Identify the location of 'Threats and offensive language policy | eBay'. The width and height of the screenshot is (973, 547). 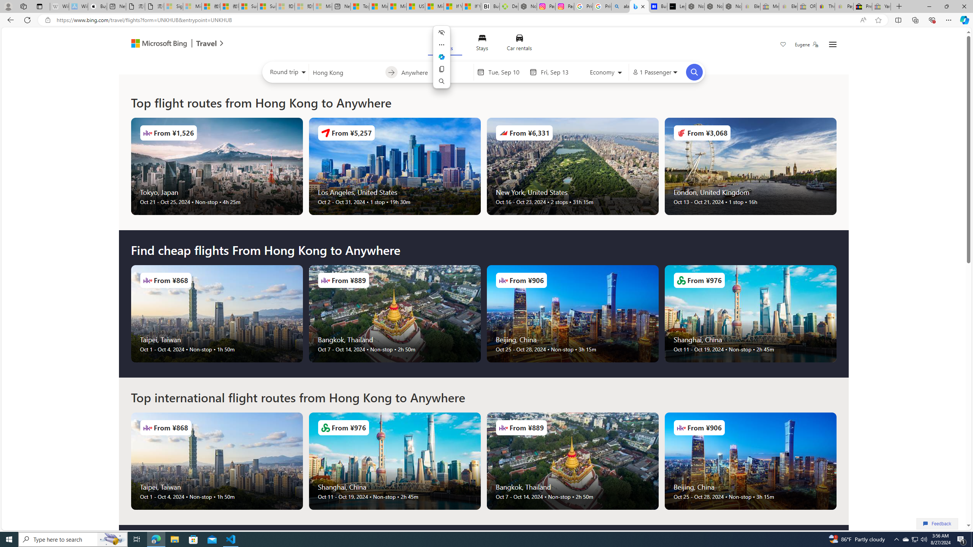
(826, 6).